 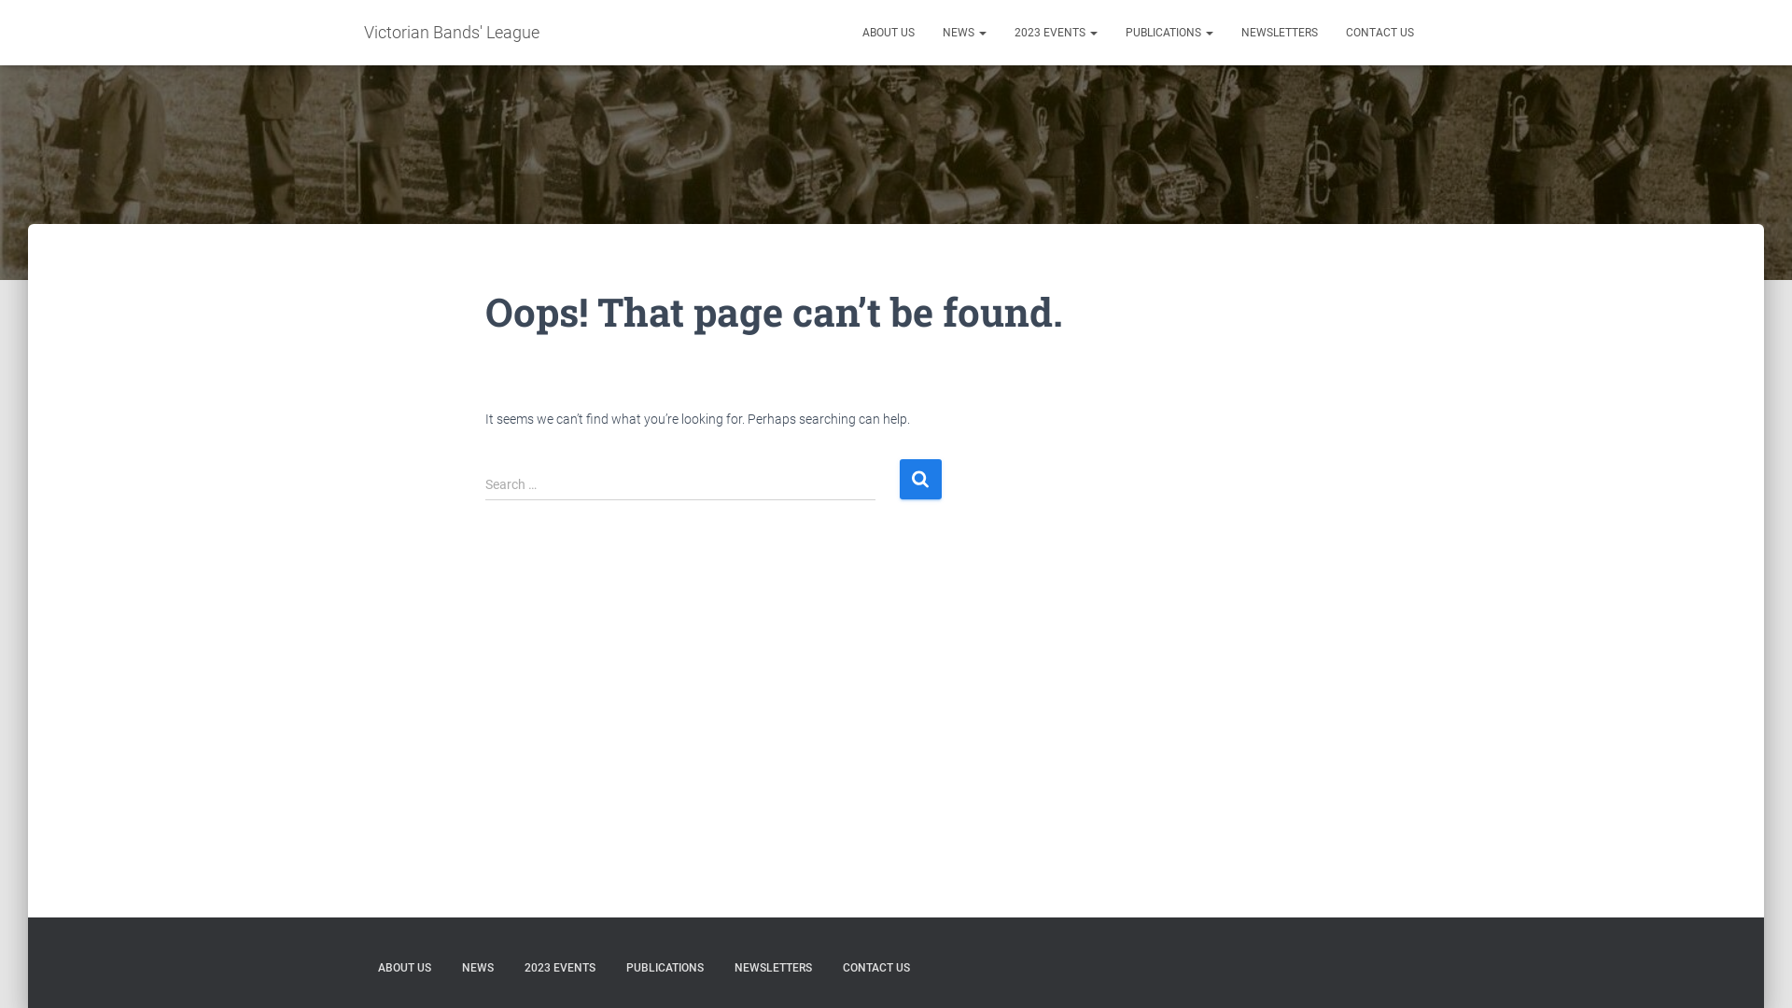 What do you see at coordinates (847, 32) in the screenshot?
I see `'ABOUT US'` at bounding box center [847, 32].